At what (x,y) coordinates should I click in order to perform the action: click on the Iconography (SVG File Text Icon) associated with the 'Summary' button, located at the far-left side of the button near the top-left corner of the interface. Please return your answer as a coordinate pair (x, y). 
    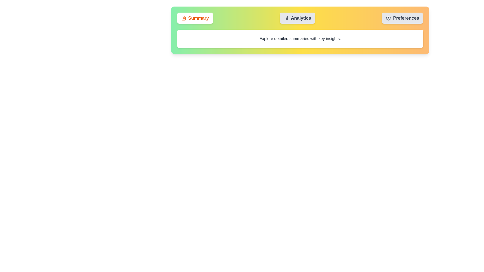
    Looking at the image, I should click on (183, 18).